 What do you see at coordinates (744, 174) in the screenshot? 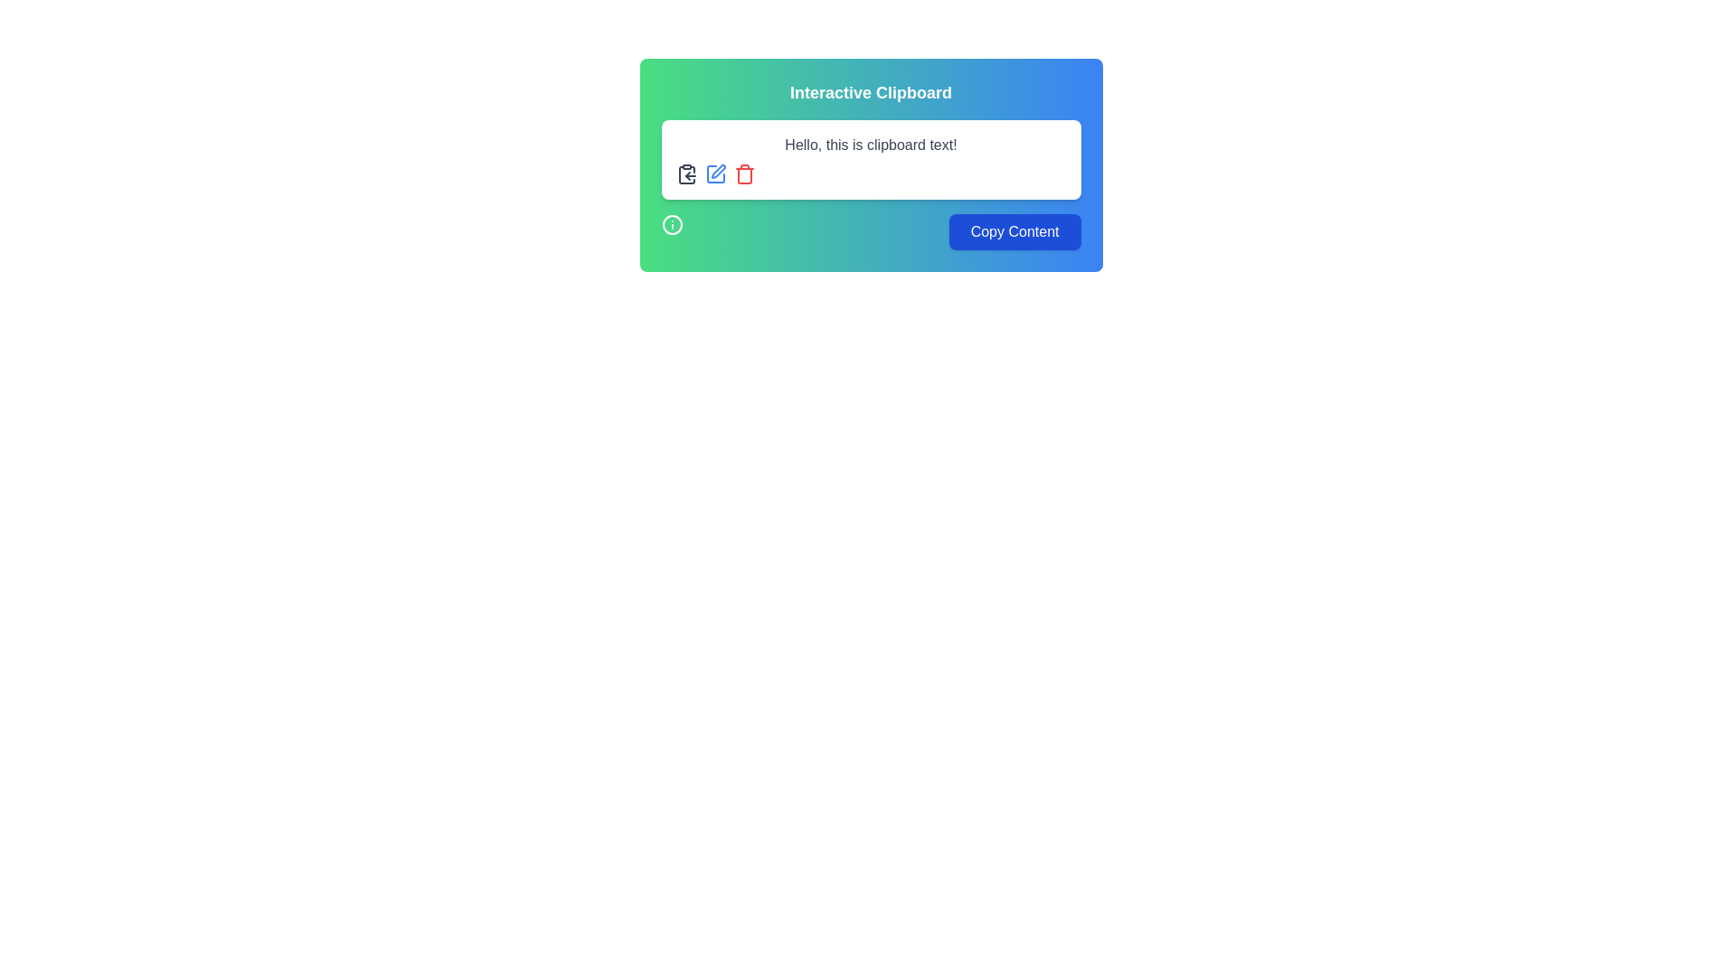
I see `the trash bin icon, which is the third icon in a row of interactive icons above the text field` at bounding box center [744, 174].